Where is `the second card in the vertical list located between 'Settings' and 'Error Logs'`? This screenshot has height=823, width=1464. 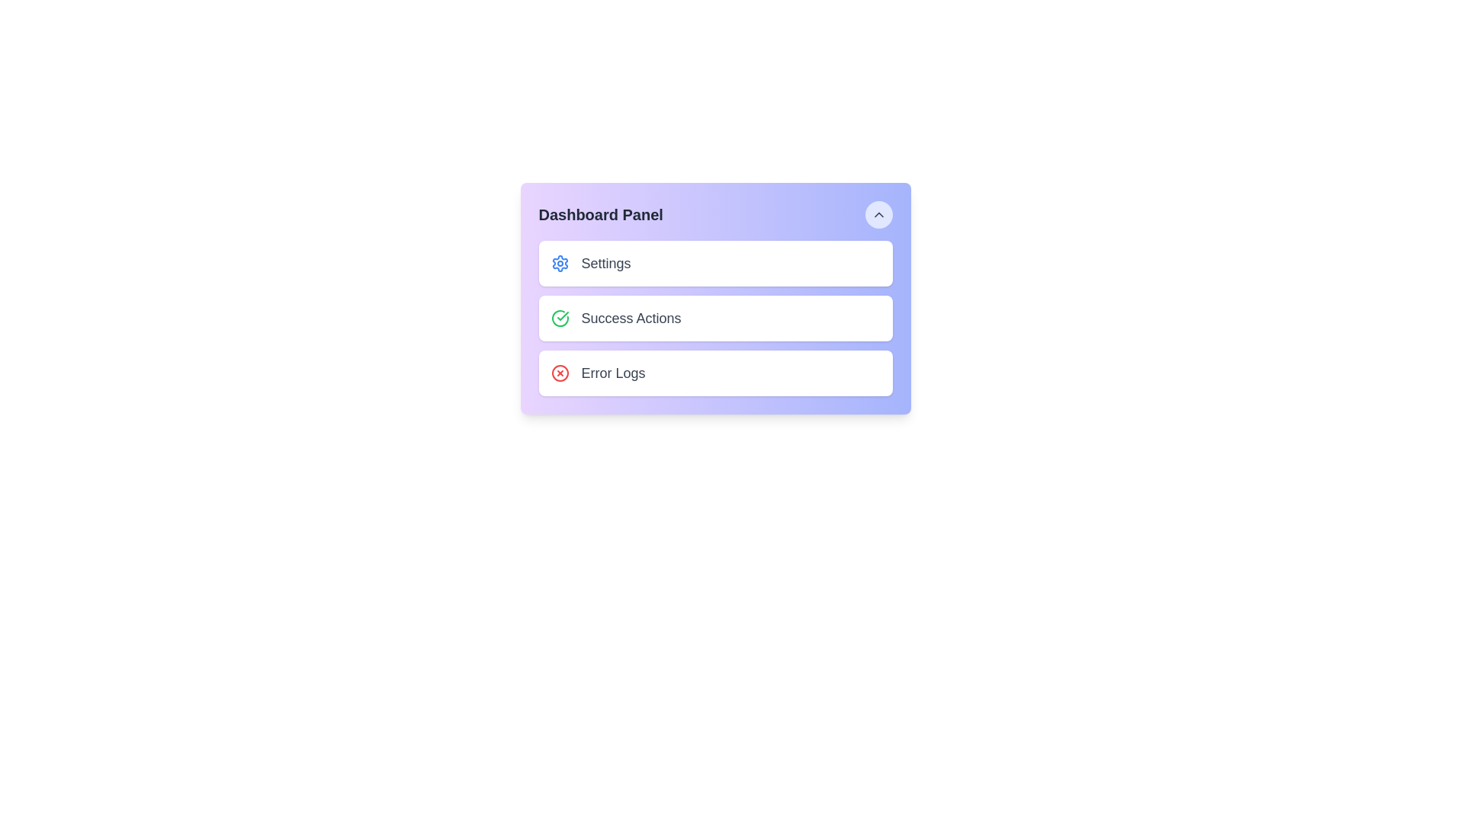 the second card in the vertical list located between 'Settings' and 'Error Logs' is located at coordinates (714, 317).